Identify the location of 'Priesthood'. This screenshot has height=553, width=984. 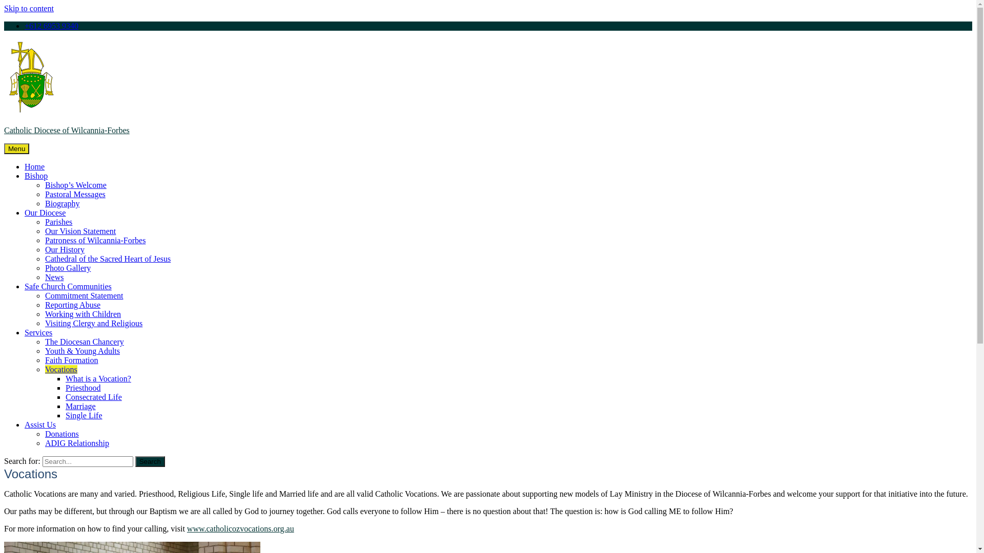
(83, 388).